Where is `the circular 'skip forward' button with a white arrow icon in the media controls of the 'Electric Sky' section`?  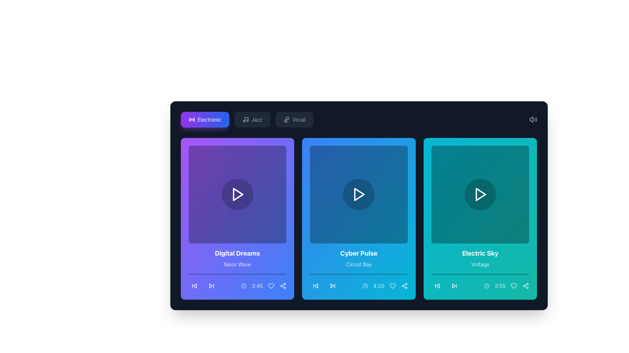 the circular 'skip forward' button with a white arrow icon in the media controls of the 'Electric Sky' section is located at coordinates (454, 285).